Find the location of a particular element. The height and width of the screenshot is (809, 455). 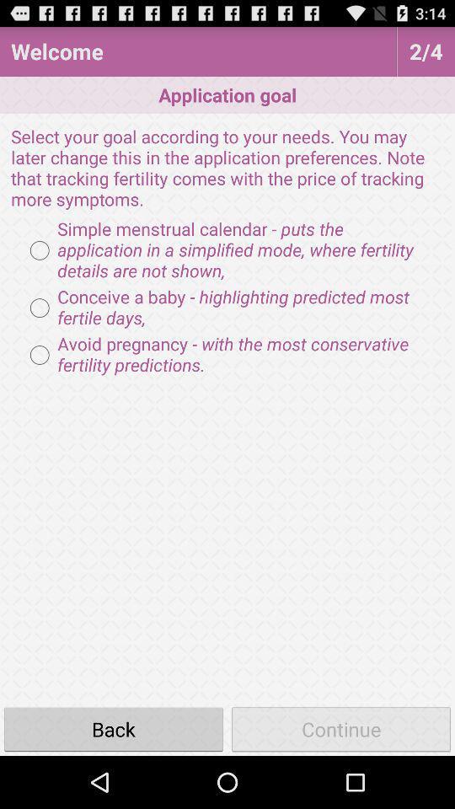

the item below the simple menstrual calendar radio button is located at coordinates (227, 307).